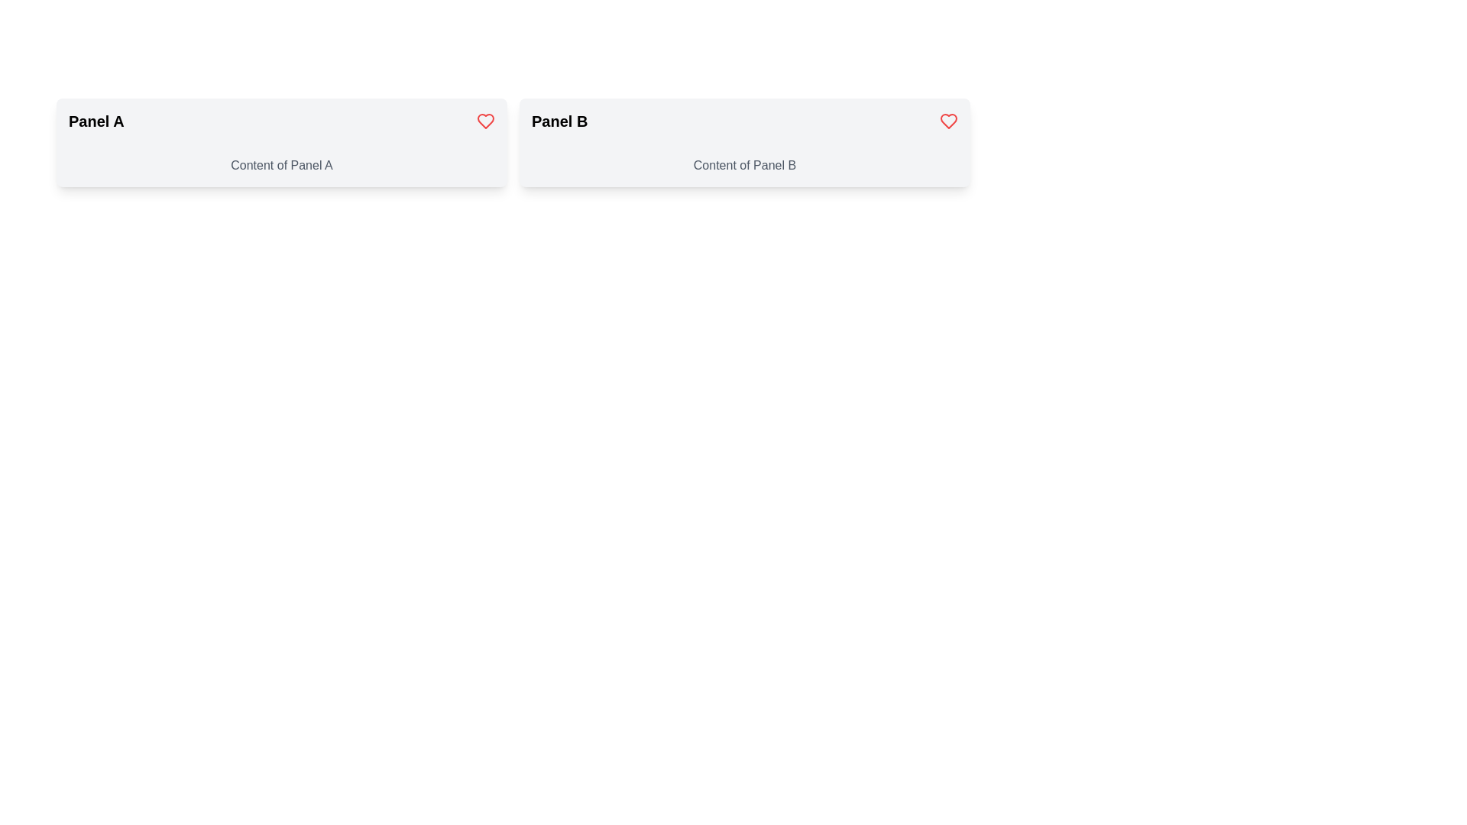  What do you see at coordinates (282, 165) in the screenshot?
I see `the informational text block located in 'Panel A', positioned below its header` at bounding box center [282, 165].